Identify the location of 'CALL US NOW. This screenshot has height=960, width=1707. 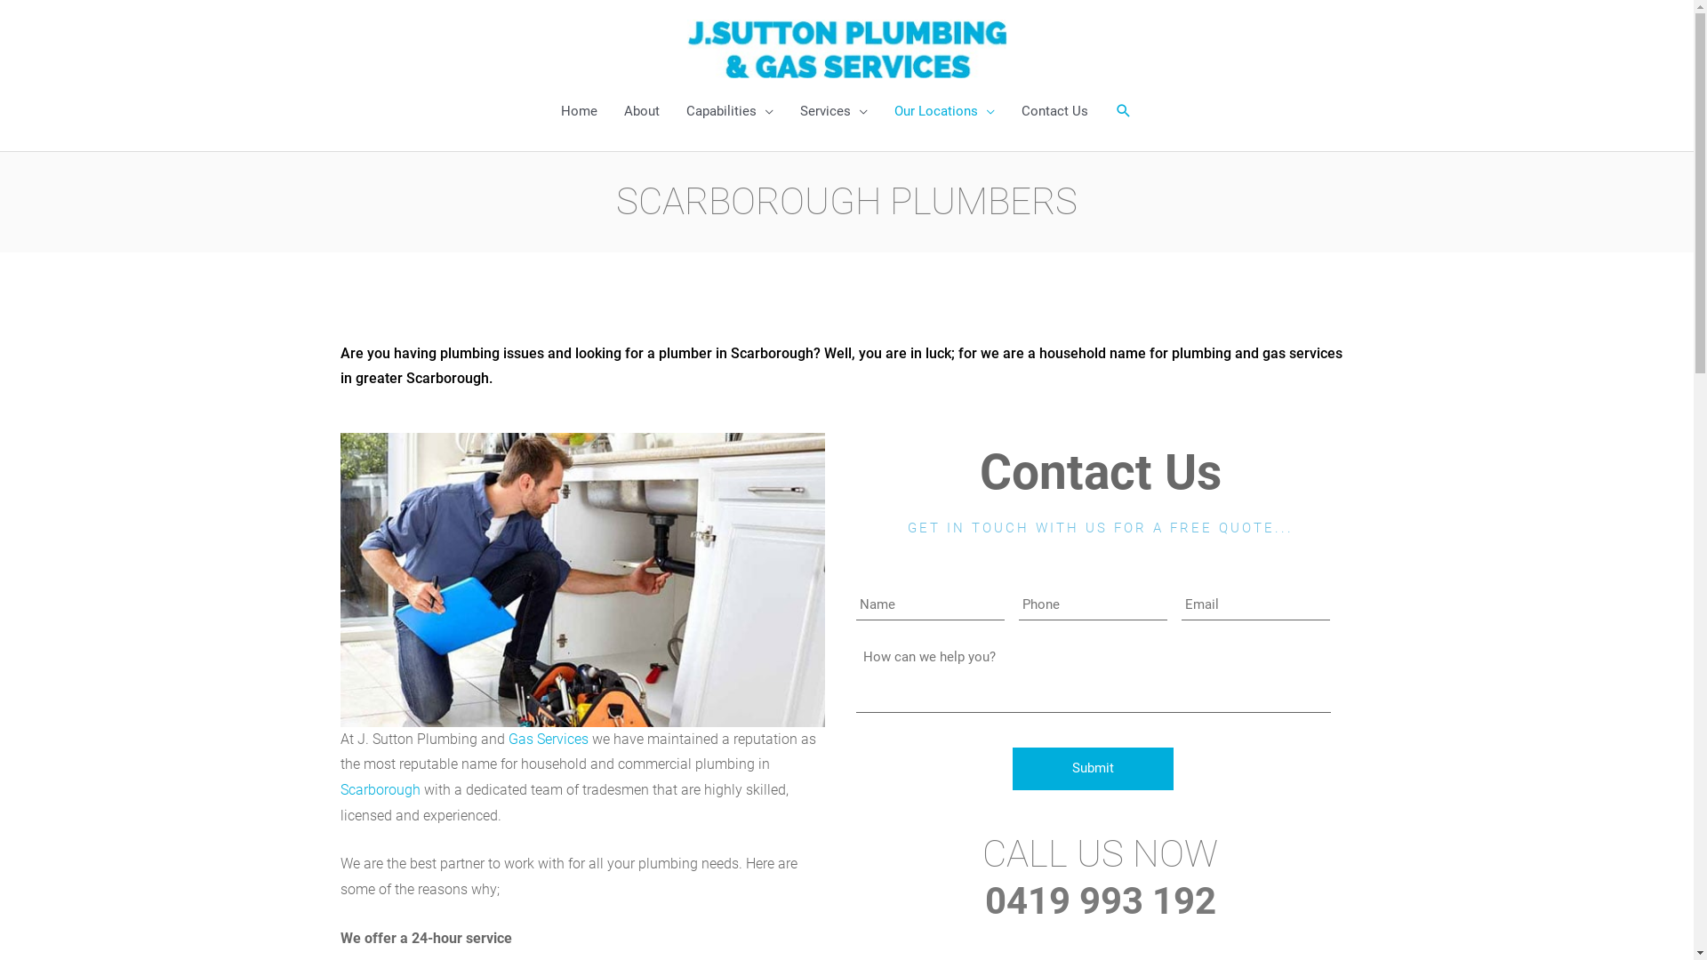
(1099, 876).